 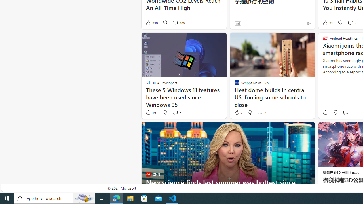 What do you see at coordinates (176, 112) in the screenshot?
I see `'View comments 8 Comment'` at bounding box center [176, 112].